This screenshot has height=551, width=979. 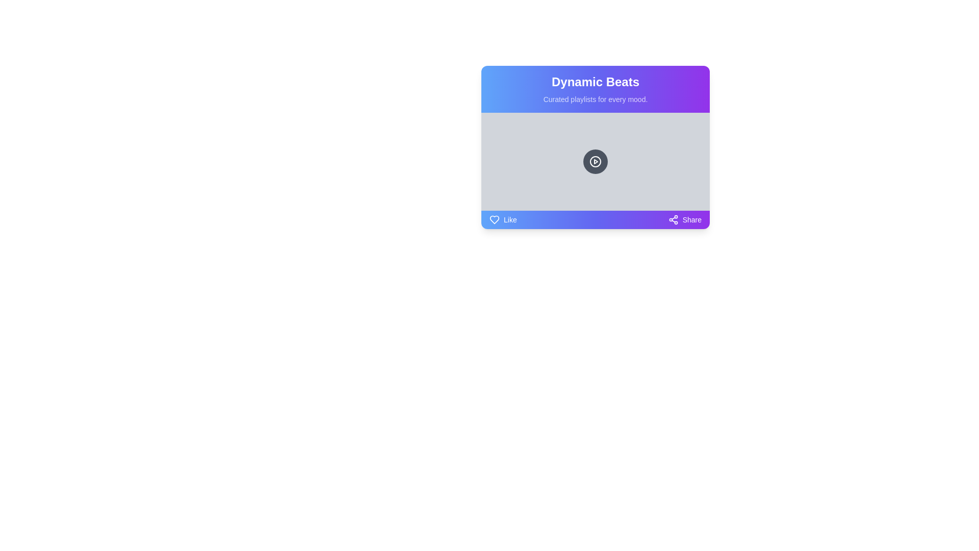 I want to click on the heart icon located at the left end of the horizontal button bar beneath the 'Dynamic Beats' card, so click(x=494, y=219).